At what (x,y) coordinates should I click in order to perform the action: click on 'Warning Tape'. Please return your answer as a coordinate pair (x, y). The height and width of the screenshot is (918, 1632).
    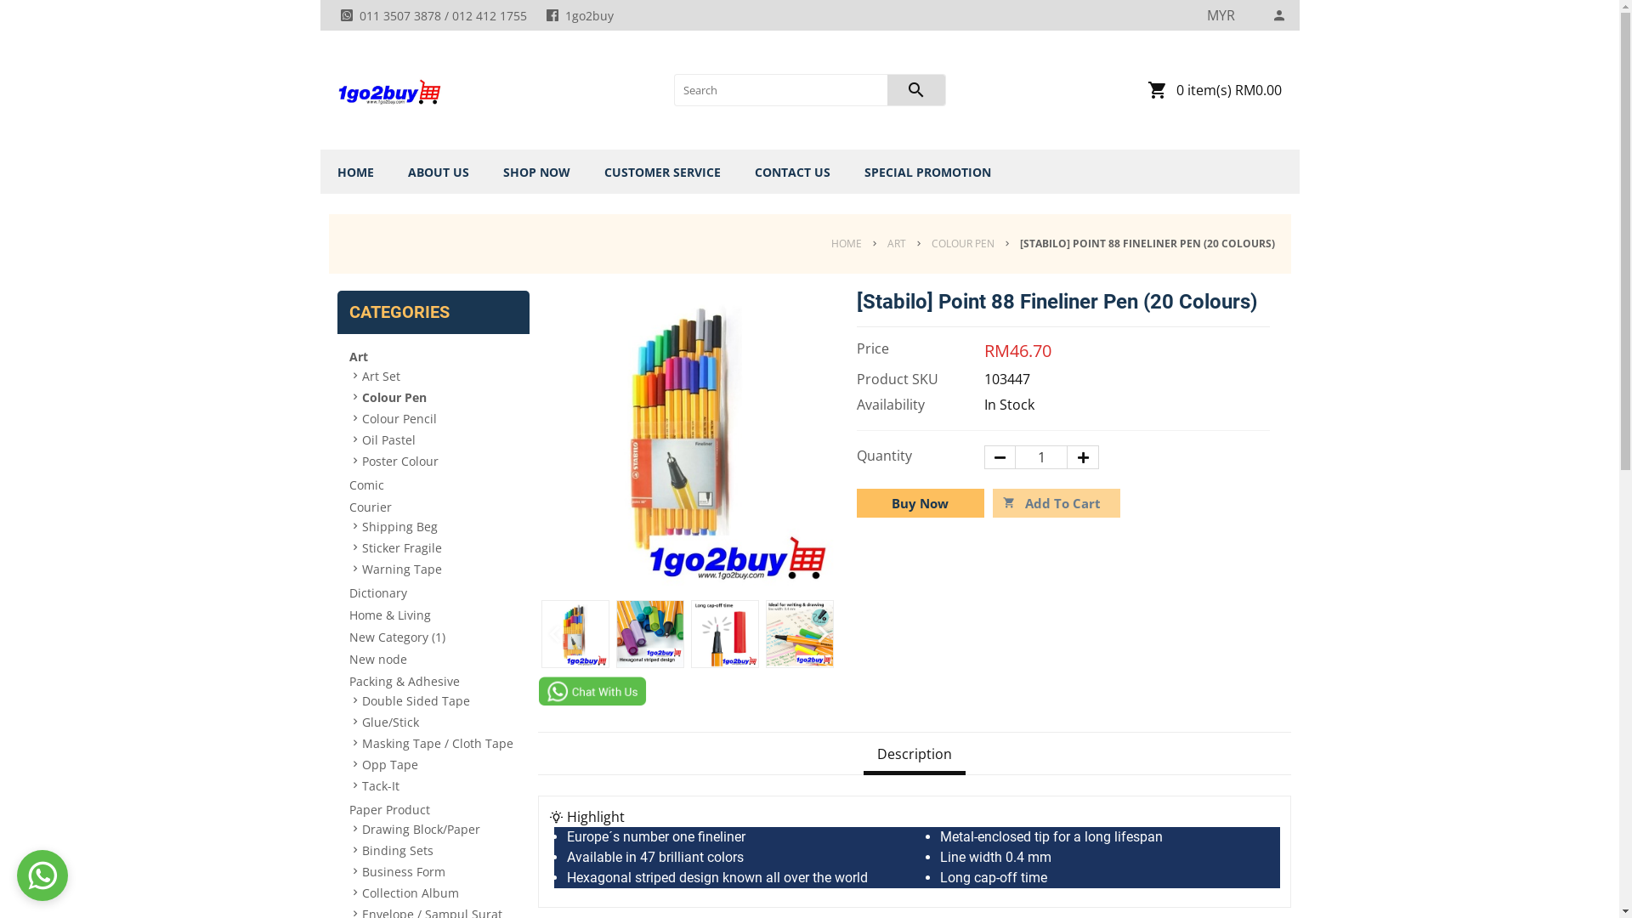
    Looking at the image, I should click on (439, 568).